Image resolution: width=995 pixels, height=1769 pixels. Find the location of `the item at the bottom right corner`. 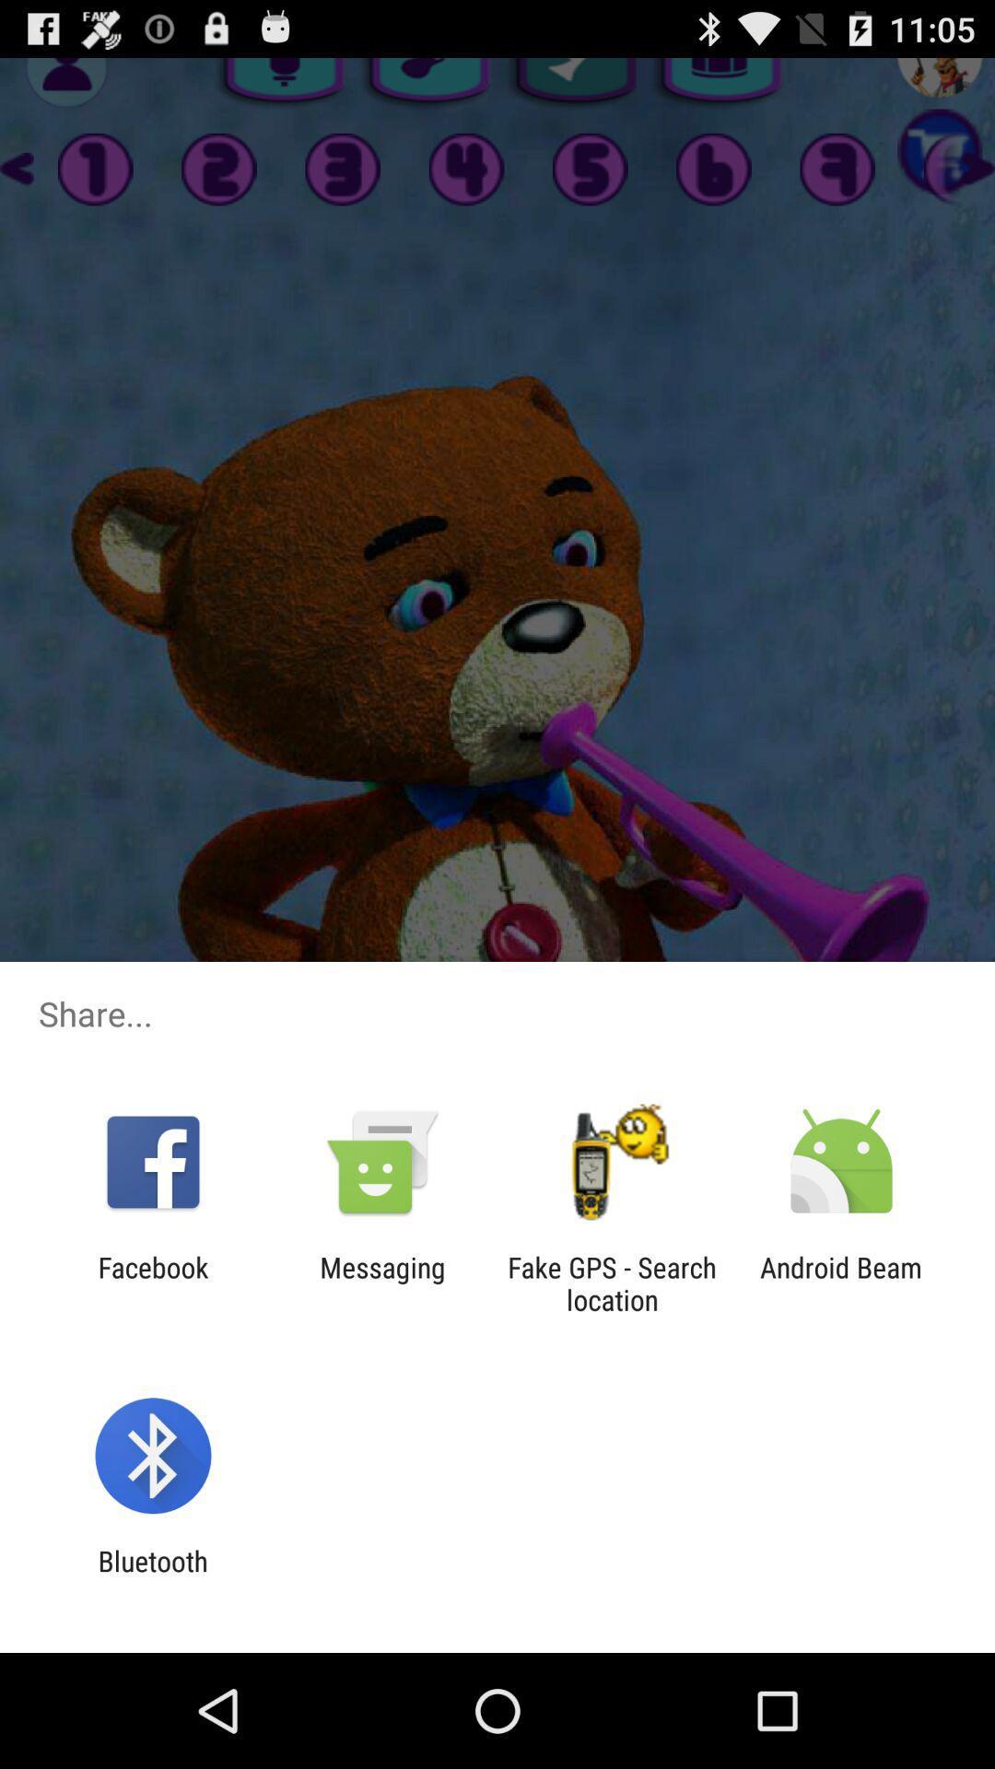

the item at the bottom right corner is located at coordinates (841, 1283).